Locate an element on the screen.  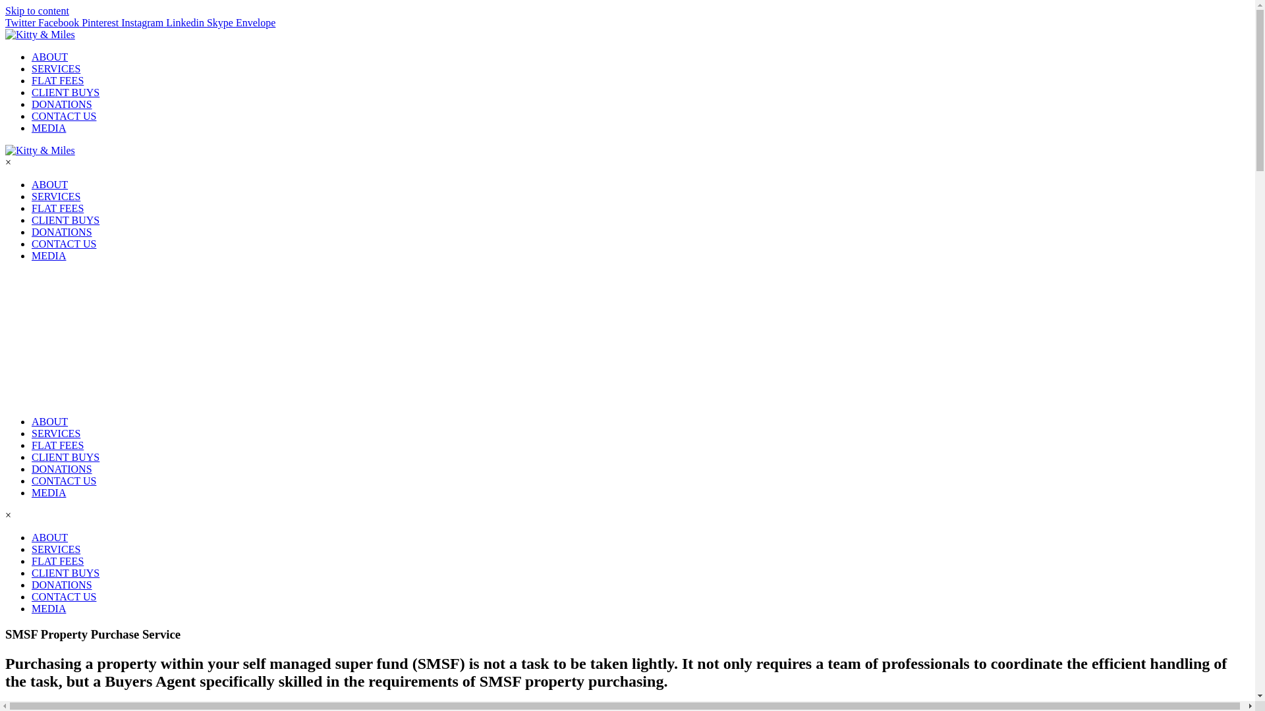
'CLIENT BUYS' is located at coordinates (706, 61).